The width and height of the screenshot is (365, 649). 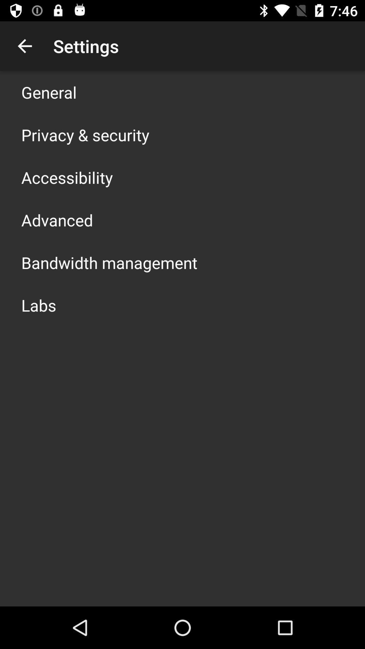 I want to click on app above privacy & security icon, so click(x=49, y=92).